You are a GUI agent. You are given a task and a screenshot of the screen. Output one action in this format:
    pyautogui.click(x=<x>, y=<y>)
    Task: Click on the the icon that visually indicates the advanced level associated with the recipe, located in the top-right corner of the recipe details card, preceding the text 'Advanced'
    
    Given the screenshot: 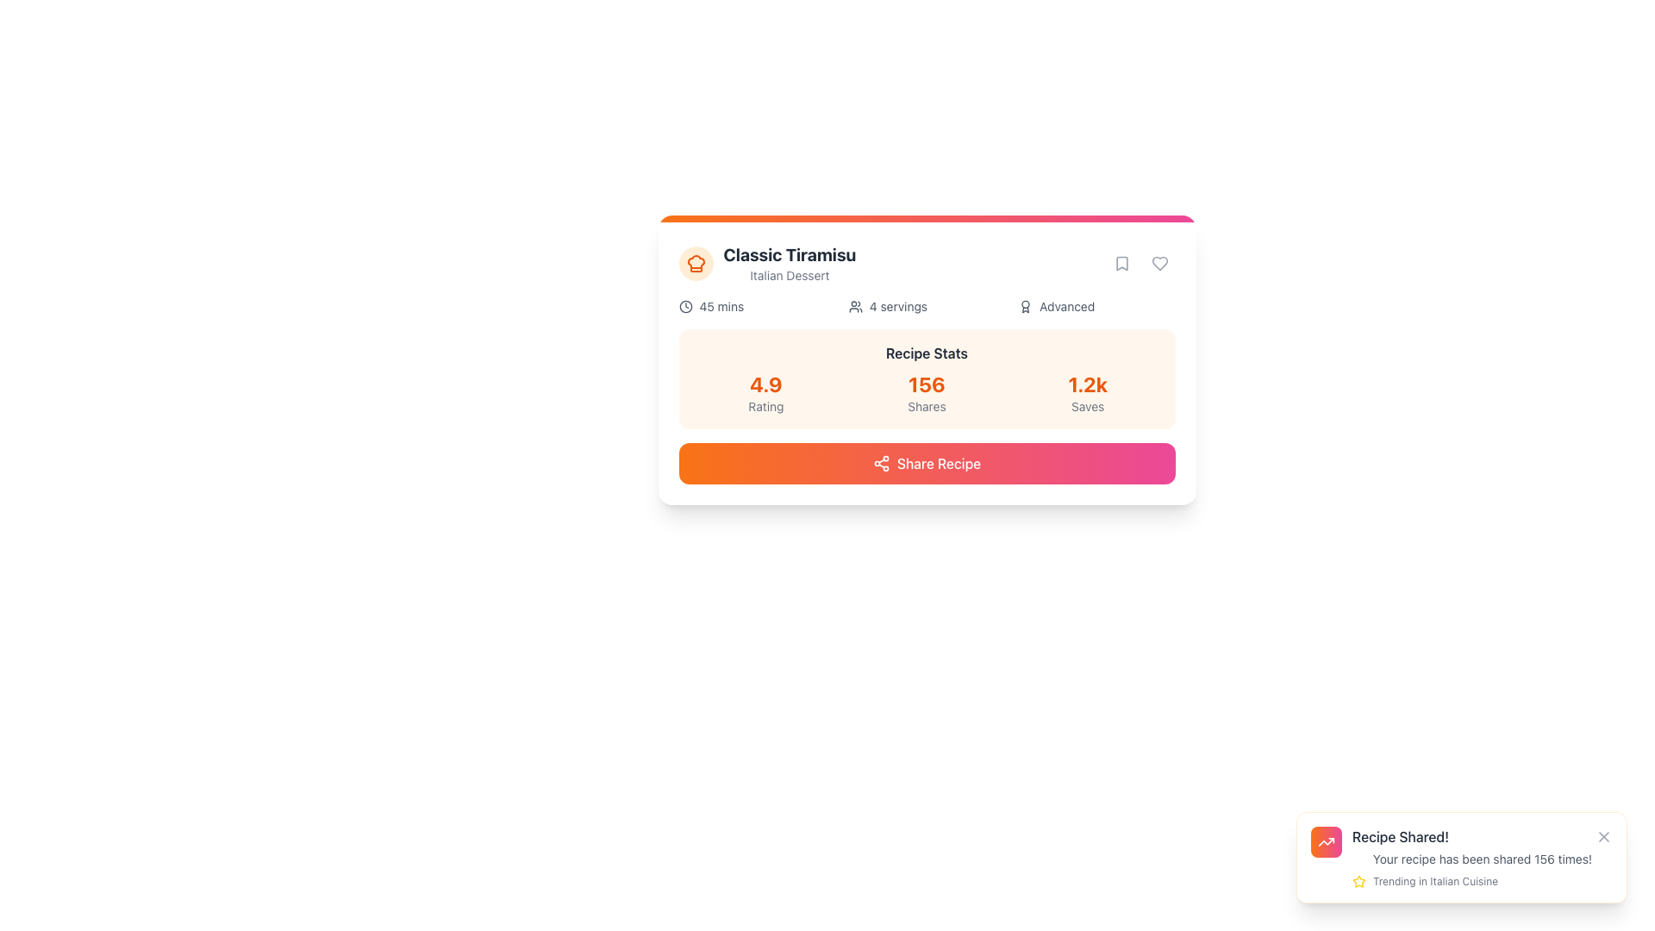 What is the action you would take?
    pyautogui.click(x=1026, y=305)
    